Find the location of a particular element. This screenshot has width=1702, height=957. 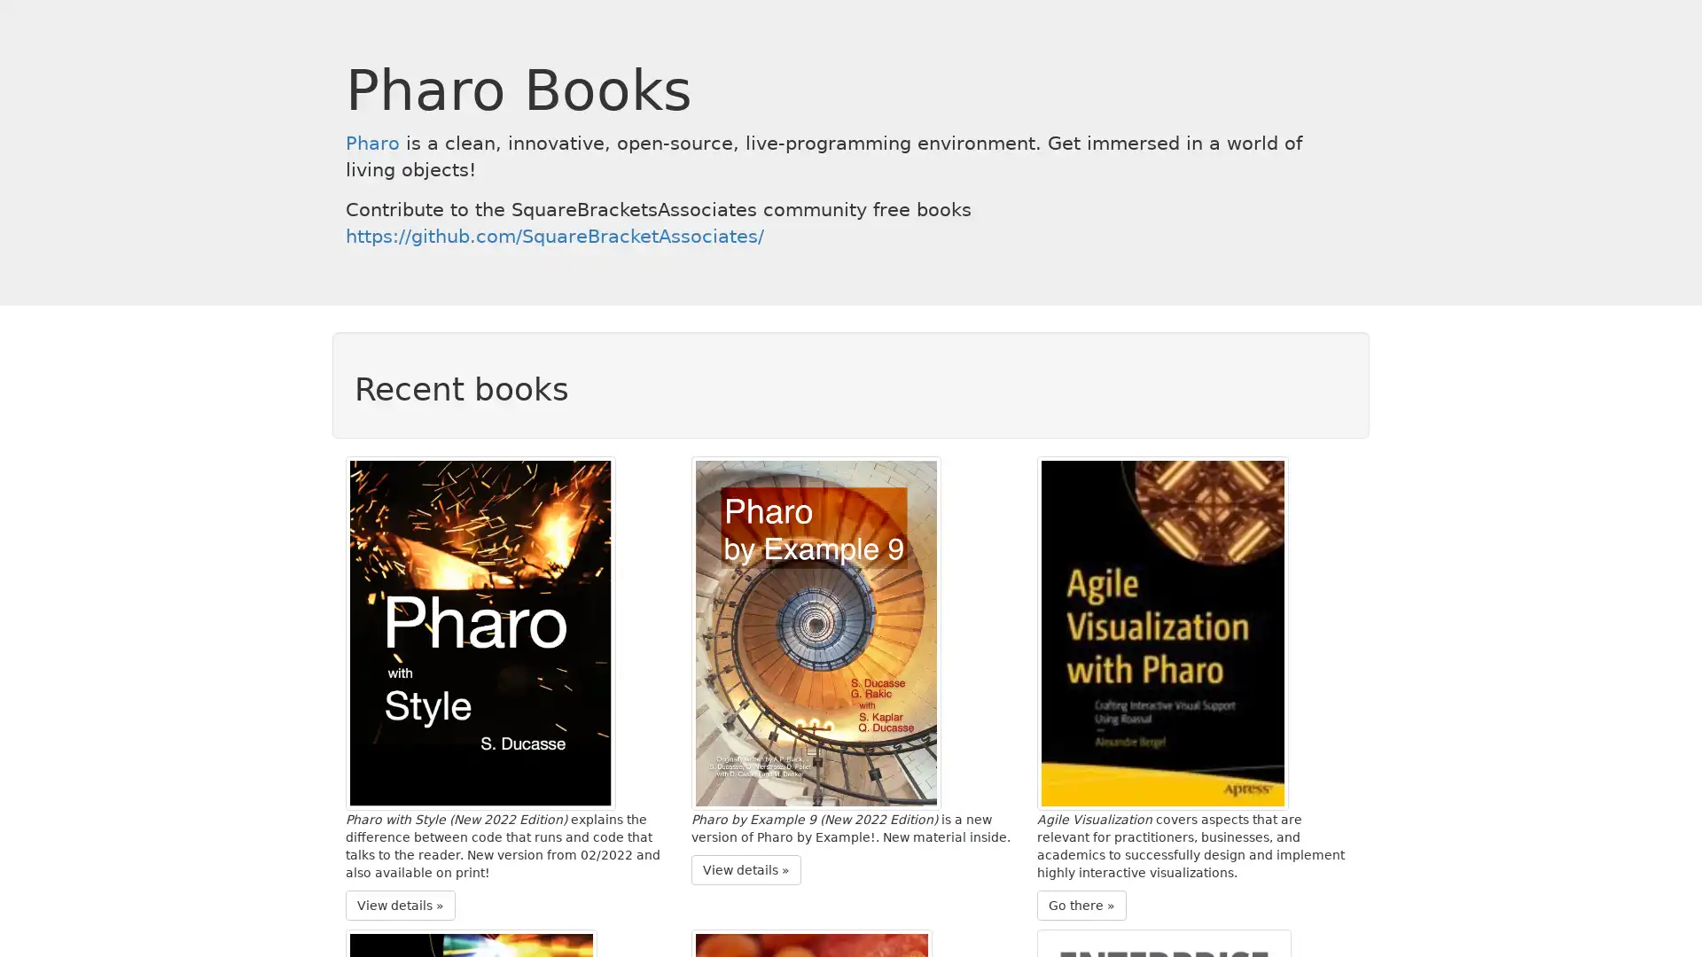

Go there is located at coordinates (1081, 905).